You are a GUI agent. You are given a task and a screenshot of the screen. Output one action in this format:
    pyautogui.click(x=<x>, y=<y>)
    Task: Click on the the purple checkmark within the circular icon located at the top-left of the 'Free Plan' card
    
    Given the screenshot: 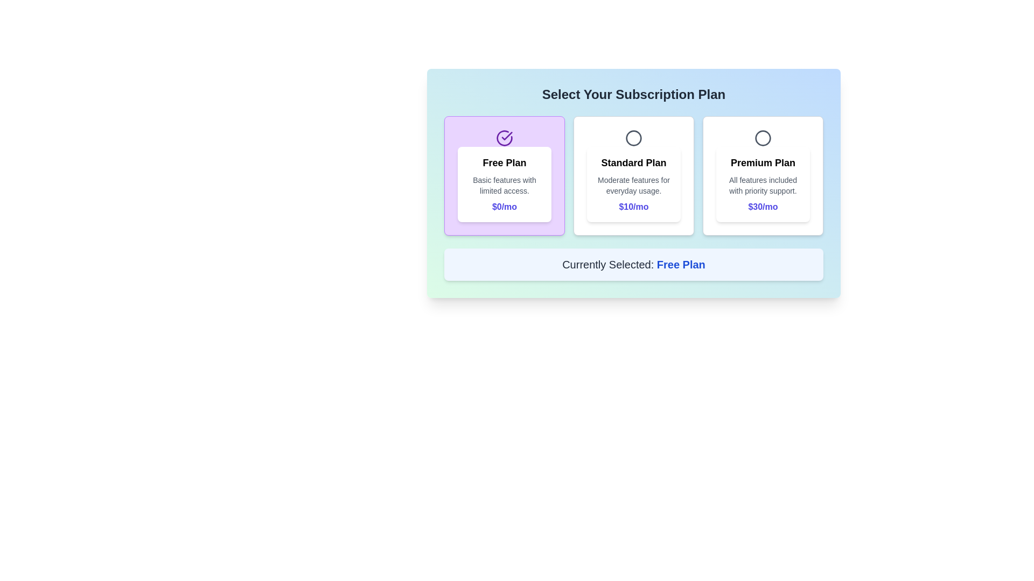 What is the action you would take?
    pyautogui.click(x=506, y=136)
    